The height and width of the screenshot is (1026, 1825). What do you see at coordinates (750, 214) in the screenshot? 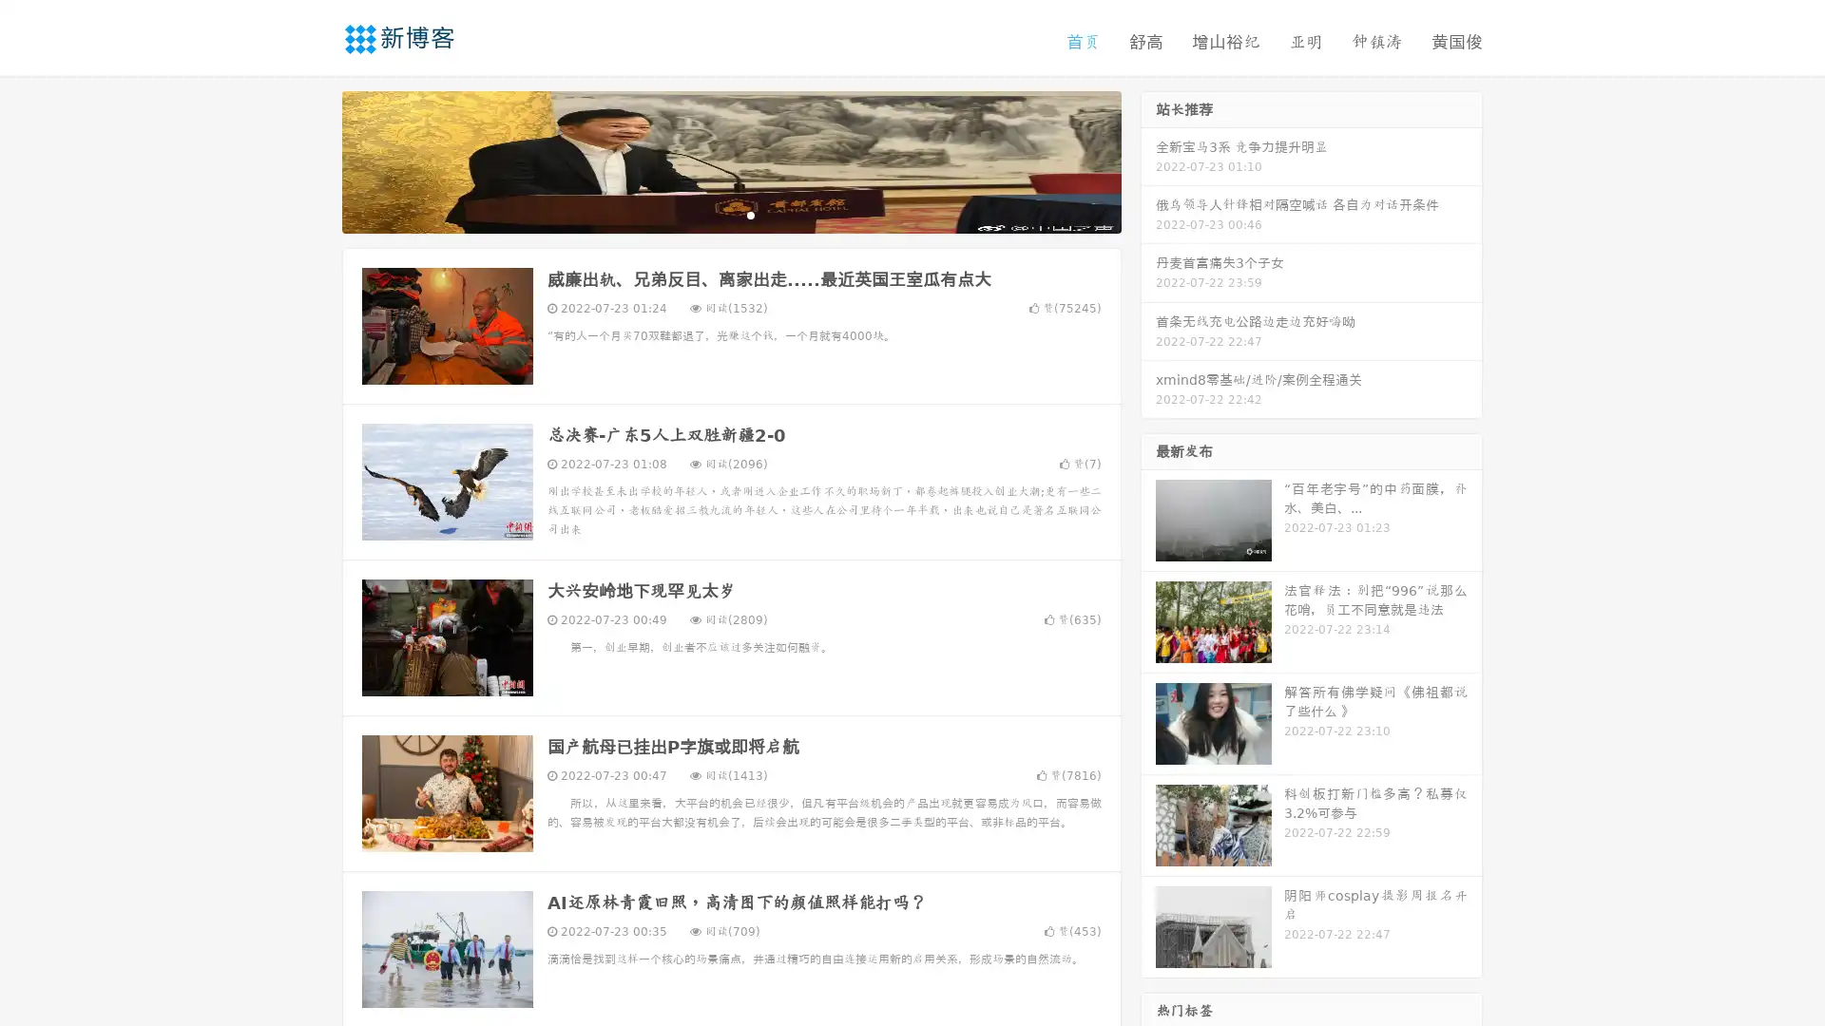
I see `Go to slide 3` at bounding box center [750, 214].